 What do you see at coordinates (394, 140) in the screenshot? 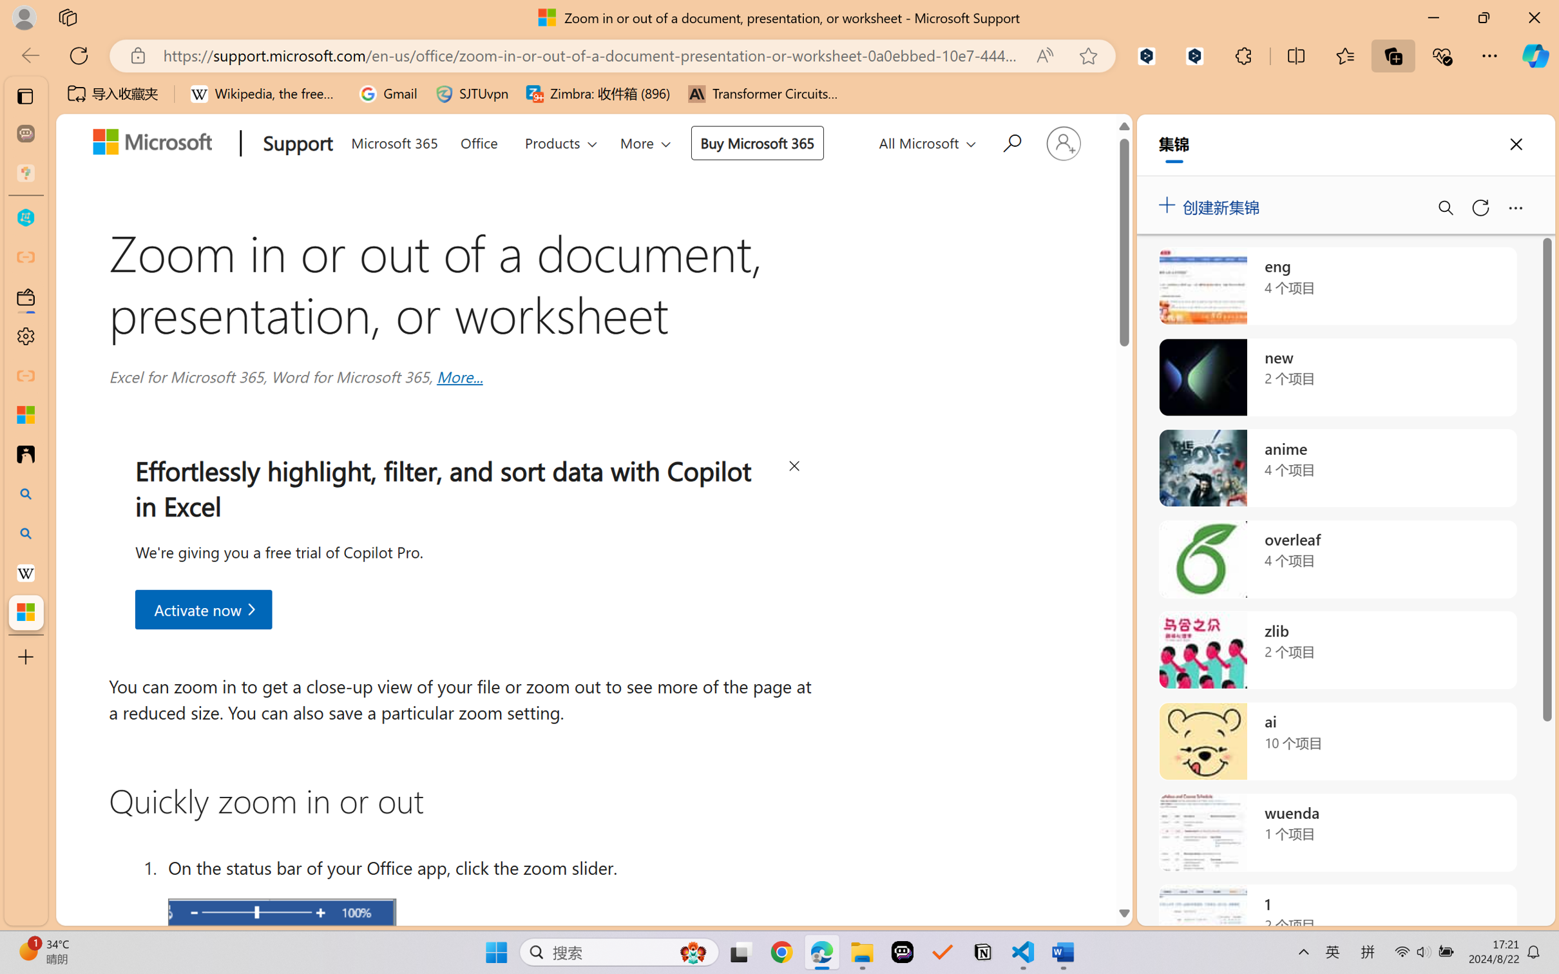
I see `'Microsoft 365'` at bounding box center [394, 140].